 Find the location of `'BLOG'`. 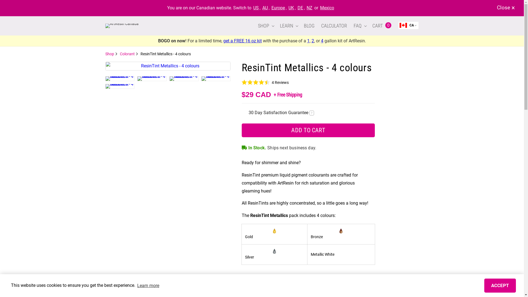

'BLOG' is located at coordinates (309, 26).